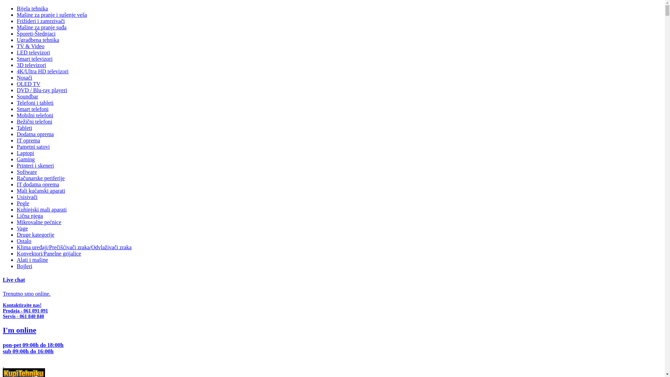  What do you see at coordinates (22, 228) in the screenshot?
I see `'Vage'` at bounding box center [22, 228].